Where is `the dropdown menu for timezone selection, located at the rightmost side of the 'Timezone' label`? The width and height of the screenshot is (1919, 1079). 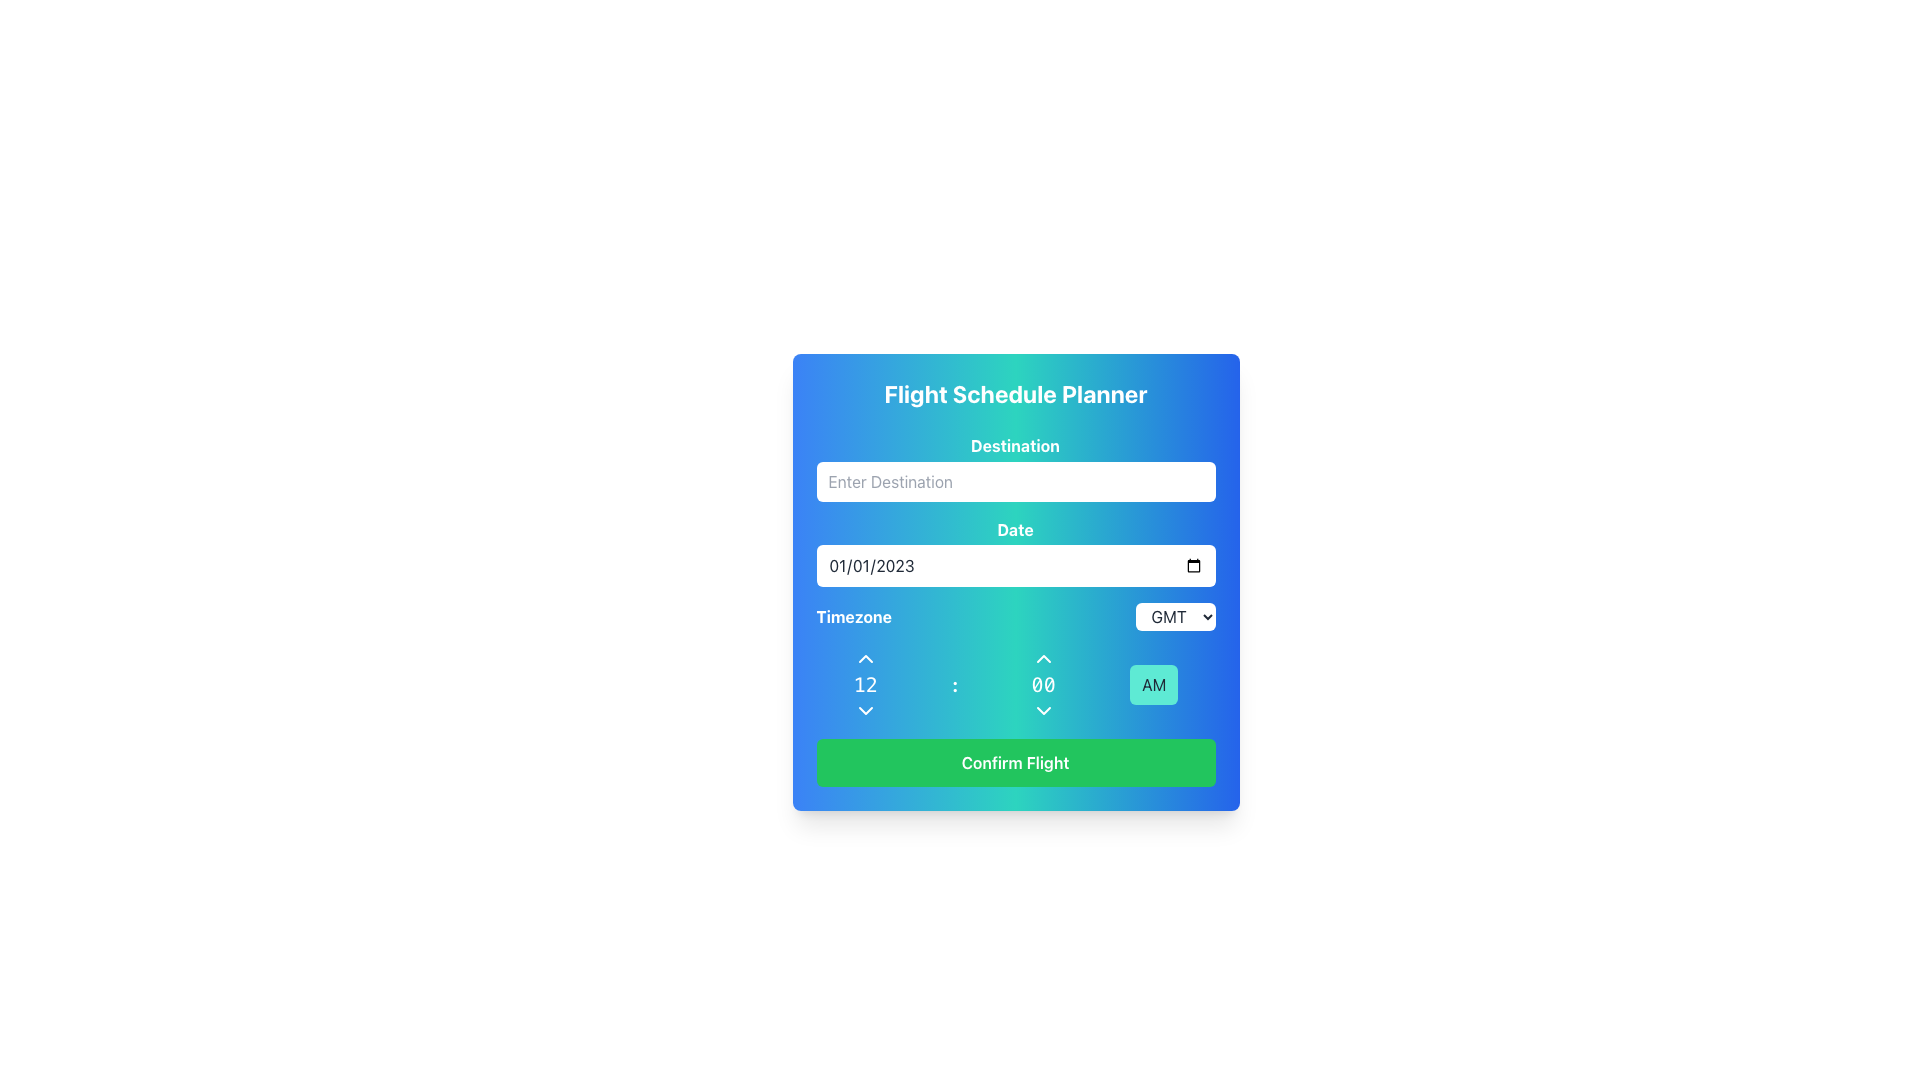 the dropdown menu for timezone selection, located at the rightmost side of the 'Timezone' label is located at coordinates (1175, 615).